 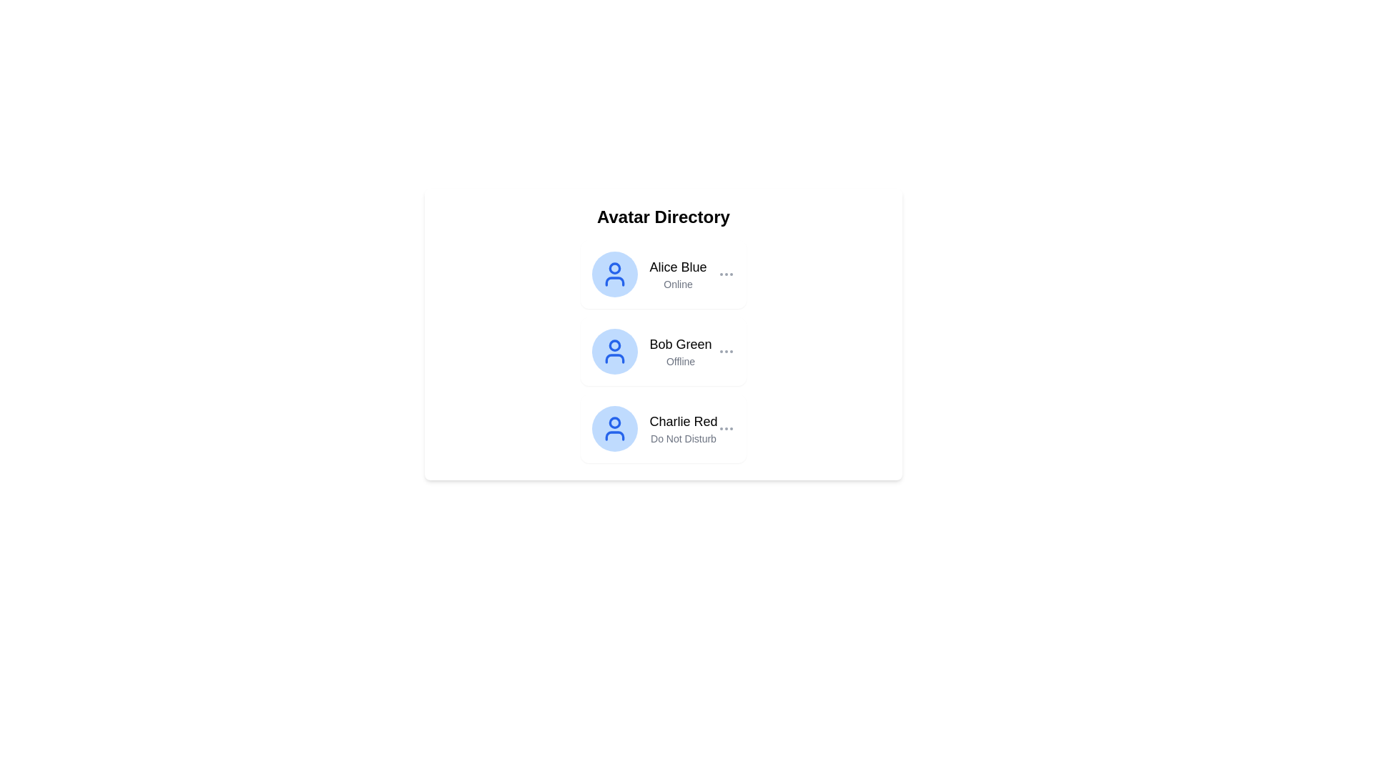 I want to click on the circle SVG element representing the status or identifier within the 'Alice Blue' avatar icon, located in the Avatar Directory list, so click(x=615, y=268).